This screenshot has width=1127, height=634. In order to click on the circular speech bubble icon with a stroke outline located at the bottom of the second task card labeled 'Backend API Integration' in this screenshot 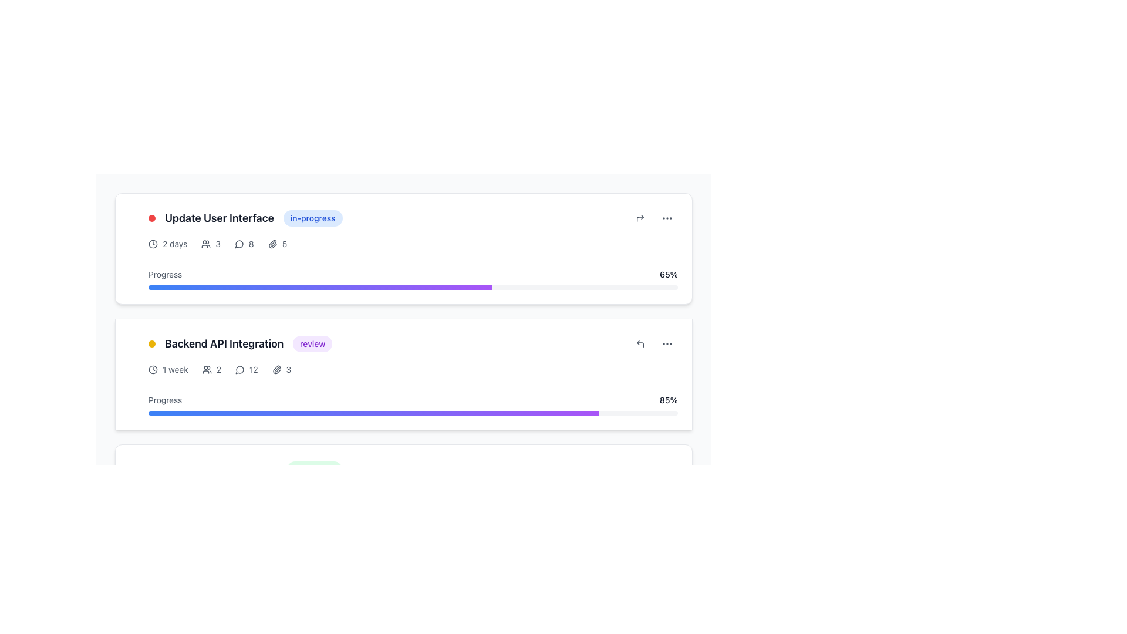, I will do `click(239, 369)`.